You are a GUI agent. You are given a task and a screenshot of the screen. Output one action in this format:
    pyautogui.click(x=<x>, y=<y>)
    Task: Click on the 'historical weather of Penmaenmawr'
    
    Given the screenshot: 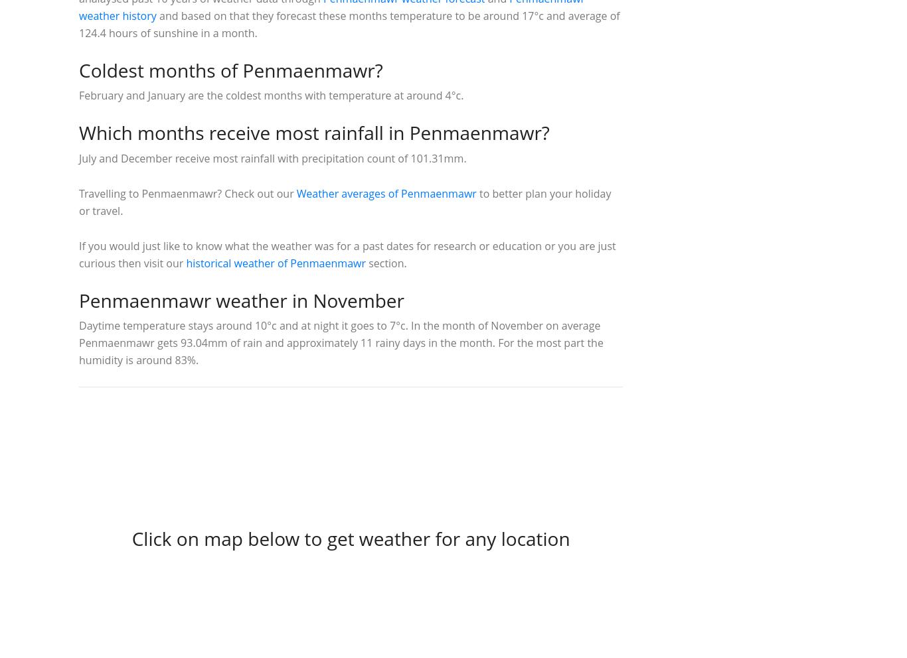 What is the action you would take?
    pyautogui.click(x=275, y=263)
    